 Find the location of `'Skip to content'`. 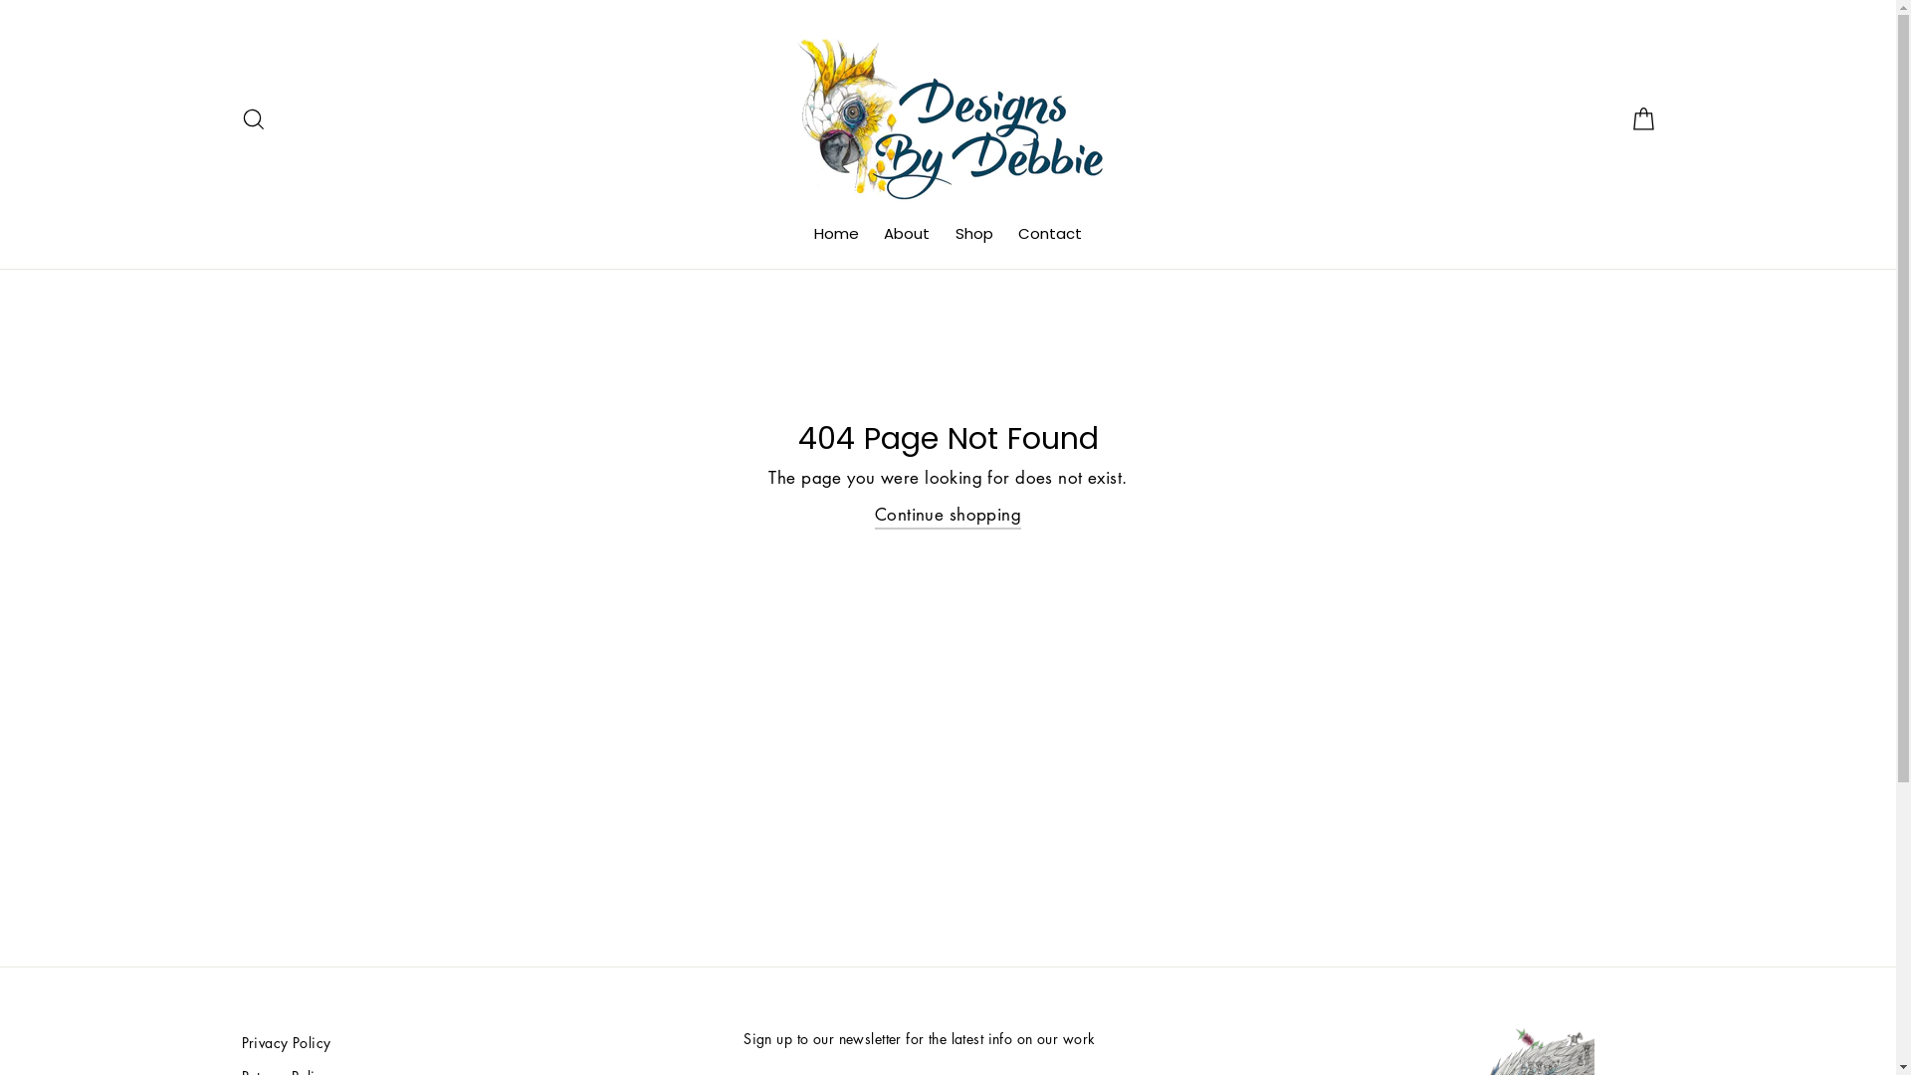

'Skip to content' is located at coordinates (0, 0).